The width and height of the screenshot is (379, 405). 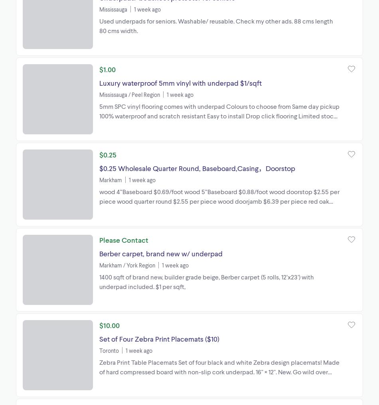 What do you see at coordinates (109, 350) in the screenshot?
I see `'Toronto'` at bounding box center [109, 350].